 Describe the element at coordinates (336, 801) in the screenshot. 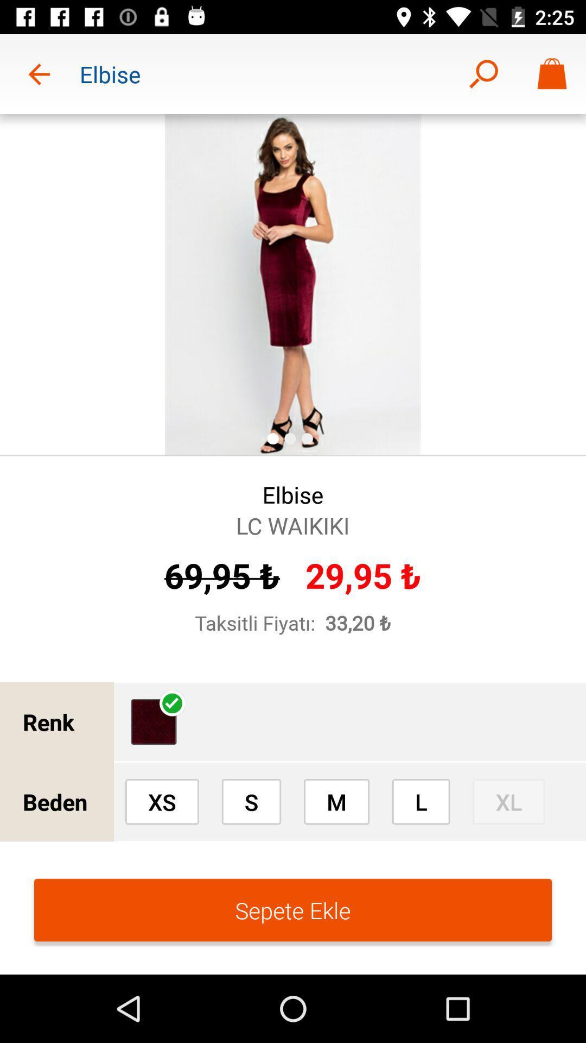

I see `option right to s in beden row` at that location.